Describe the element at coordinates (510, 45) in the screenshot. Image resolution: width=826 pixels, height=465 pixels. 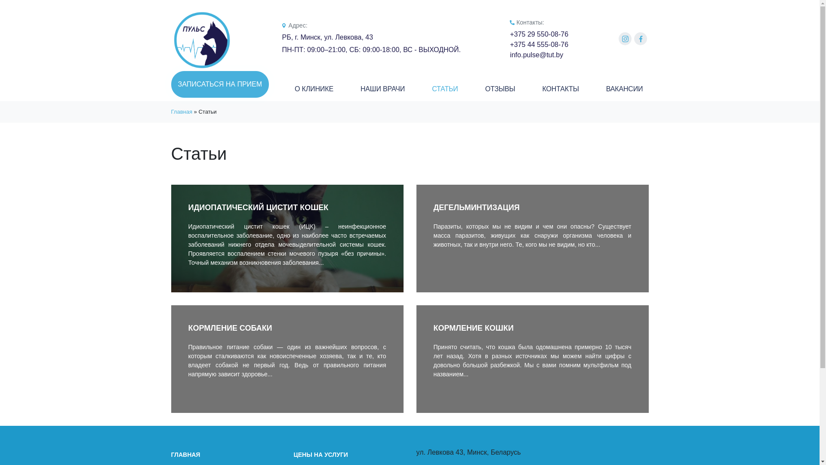
I see `'+375 44 555-08-76'` at that location.